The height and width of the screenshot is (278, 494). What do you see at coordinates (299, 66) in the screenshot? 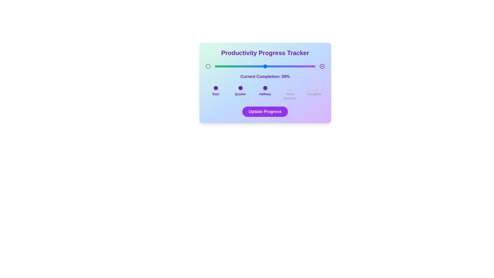
I see `the progress slider to 84%` at bounding box center [299, 66].